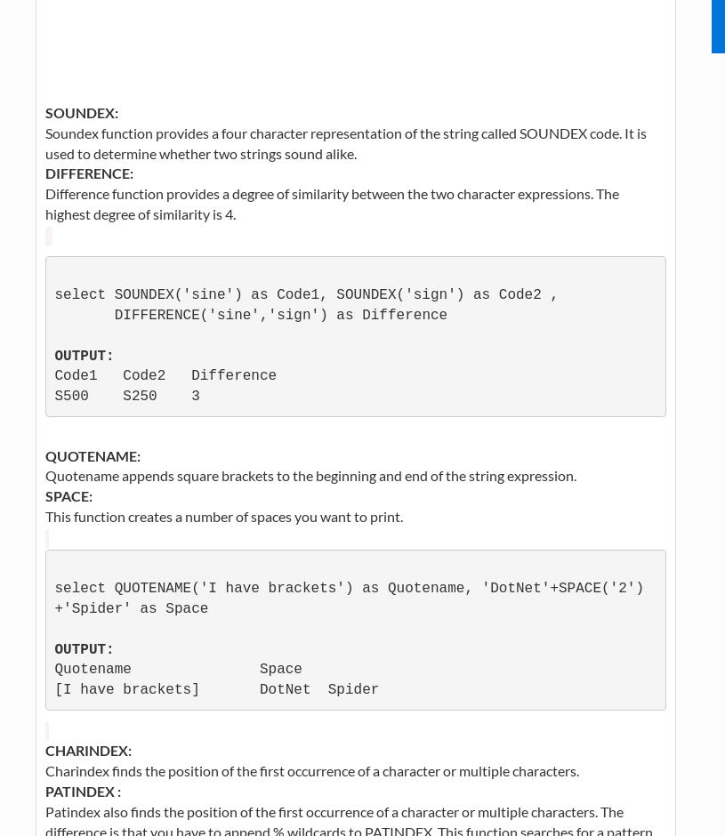  Describe the element at coordinates (216, 688) in the screenshot. I see `'[I have brackets]	DotNet  Spider'` at that location.